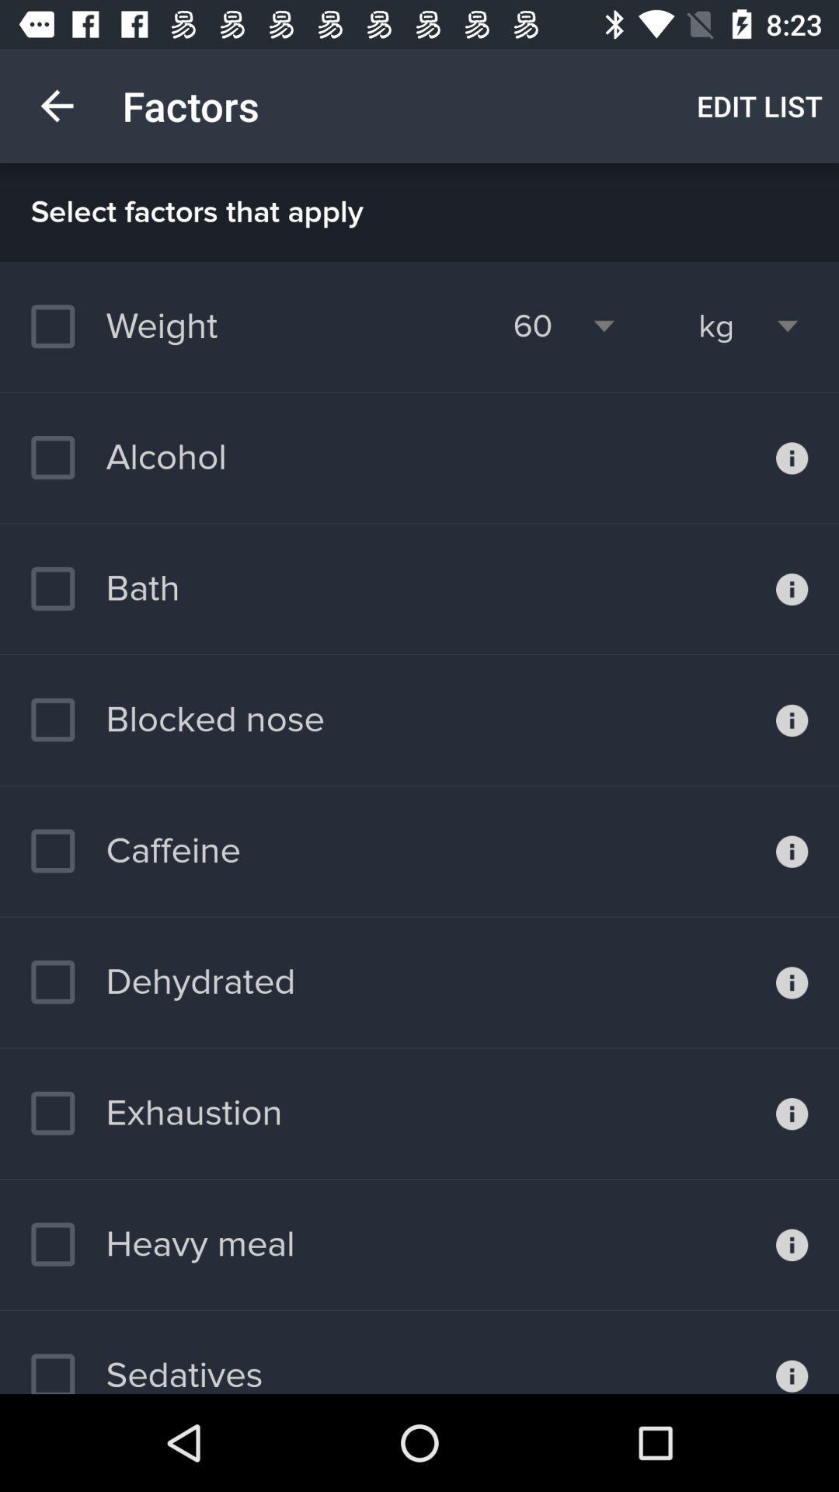 Image resolution: width=839 pixels, height=1492 pixels. Describe the element at coordinates (134, 850) in the screenshot. I see `caffeine` at that location.